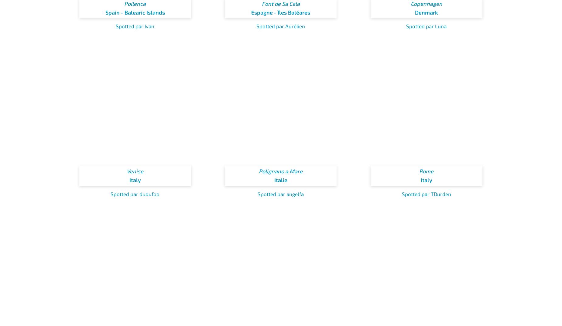 The height and width of the screenshot is (326, 562). Describe the element at coordinates (135, 171) in the screenshot. I see `'Venise'` at that location.